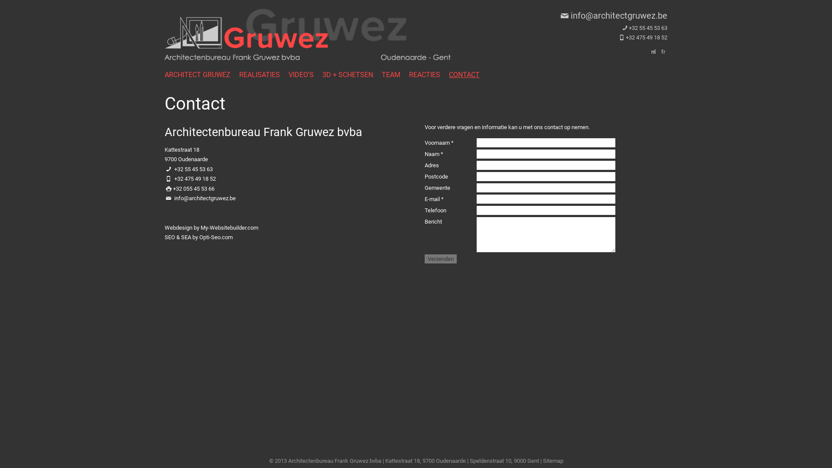  What do you see at coordinates (429, 74) in the screenshot?
I see `'REACTIES'` at bounding box center [429, 74].